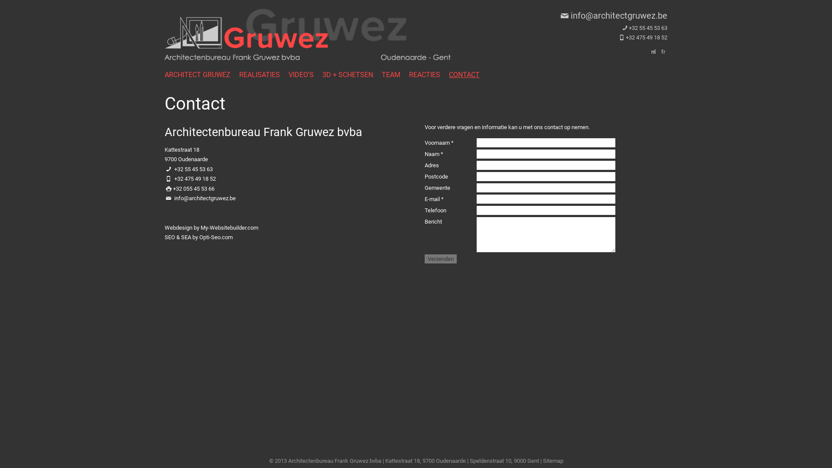  What do you see at coordinates (429, 74) in the screenshot?
I see `'REACTIES'` at bounding box center [429, 74].